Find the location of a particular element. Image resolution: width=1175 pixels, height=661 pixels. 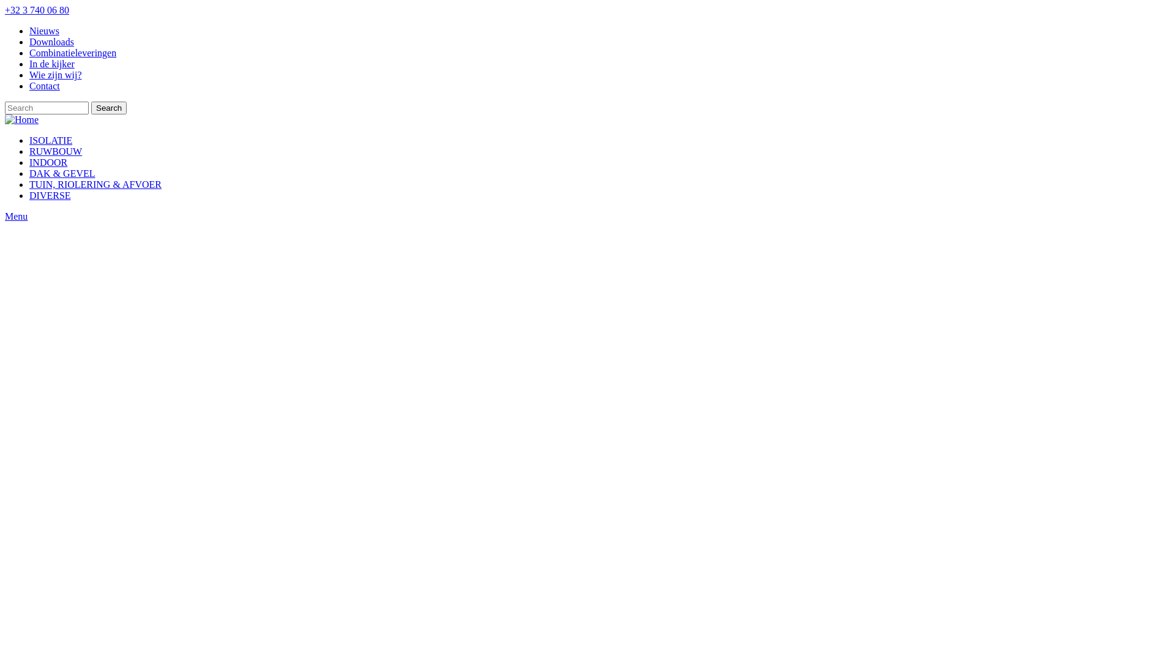

'Downloads' is located at coordinates (51, 41).